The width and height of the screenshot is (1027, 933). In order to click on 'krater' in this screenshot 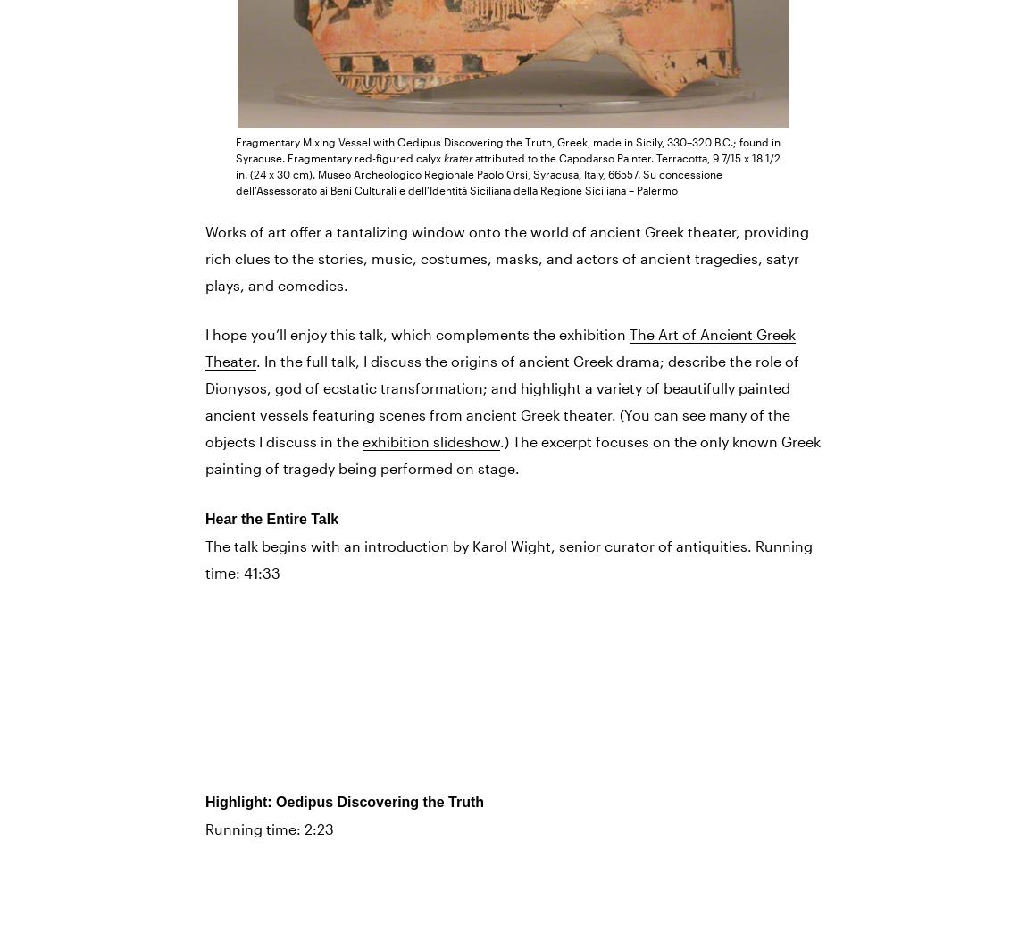, I will do `click(444, 156)`.